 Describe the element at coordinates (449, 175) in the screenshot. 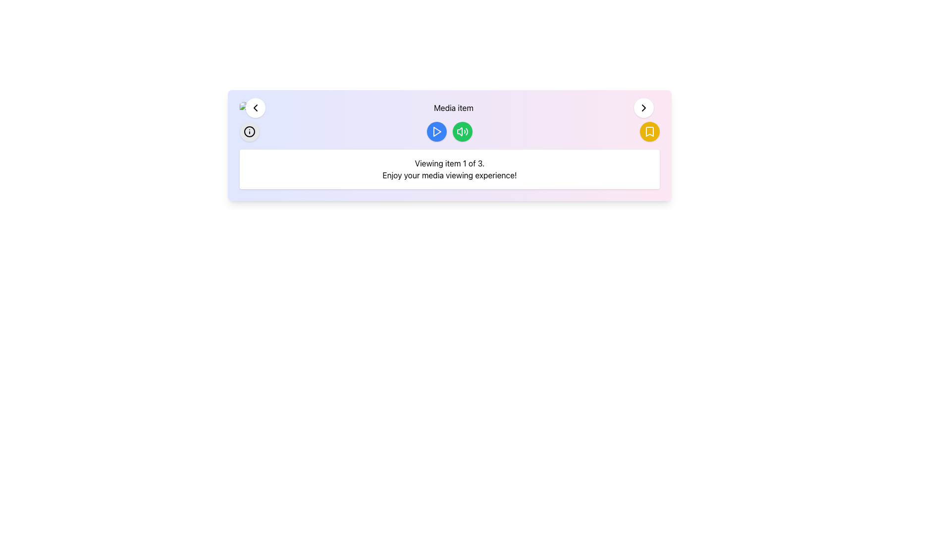

I see `the text element displaying 'Enjoy your media viewing experience!' which is located below the heading 'Viewing item 1 of 3.'` at that location.